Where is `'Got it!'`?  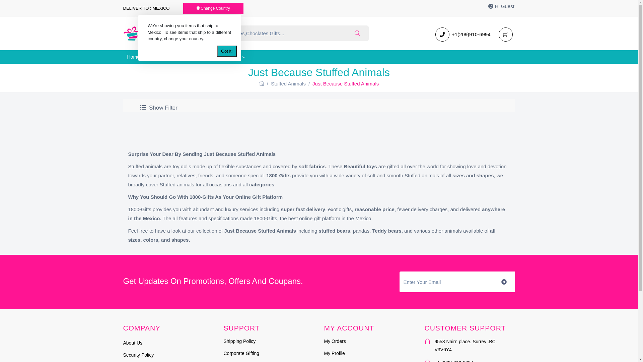
'Got it!' is located at coordinates (227, 51).